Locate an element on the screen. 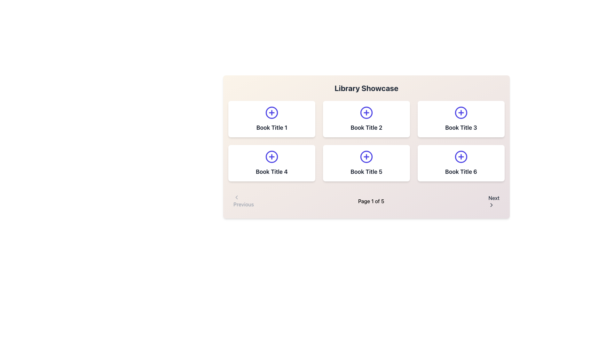  the Interactive Icon in the second card of the top row, which is associated with 'Book Title 2' is located at coordinates (366, 112).